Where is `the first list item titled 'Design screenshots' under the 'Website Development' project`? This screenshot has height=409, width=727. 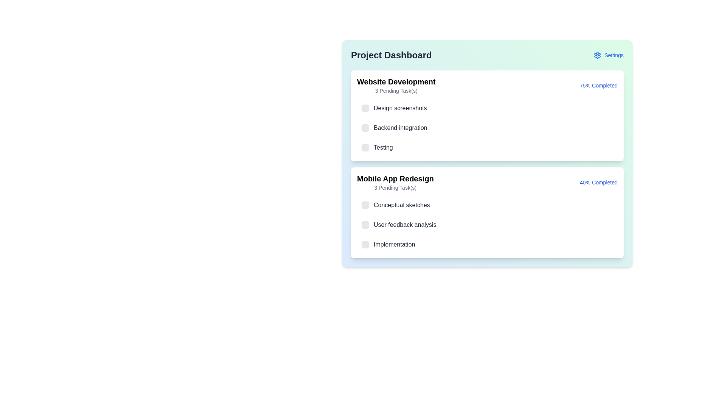
the first list item titled 'Design screenshots' under the 'Website Development' project is located at coordinates (487, 108).